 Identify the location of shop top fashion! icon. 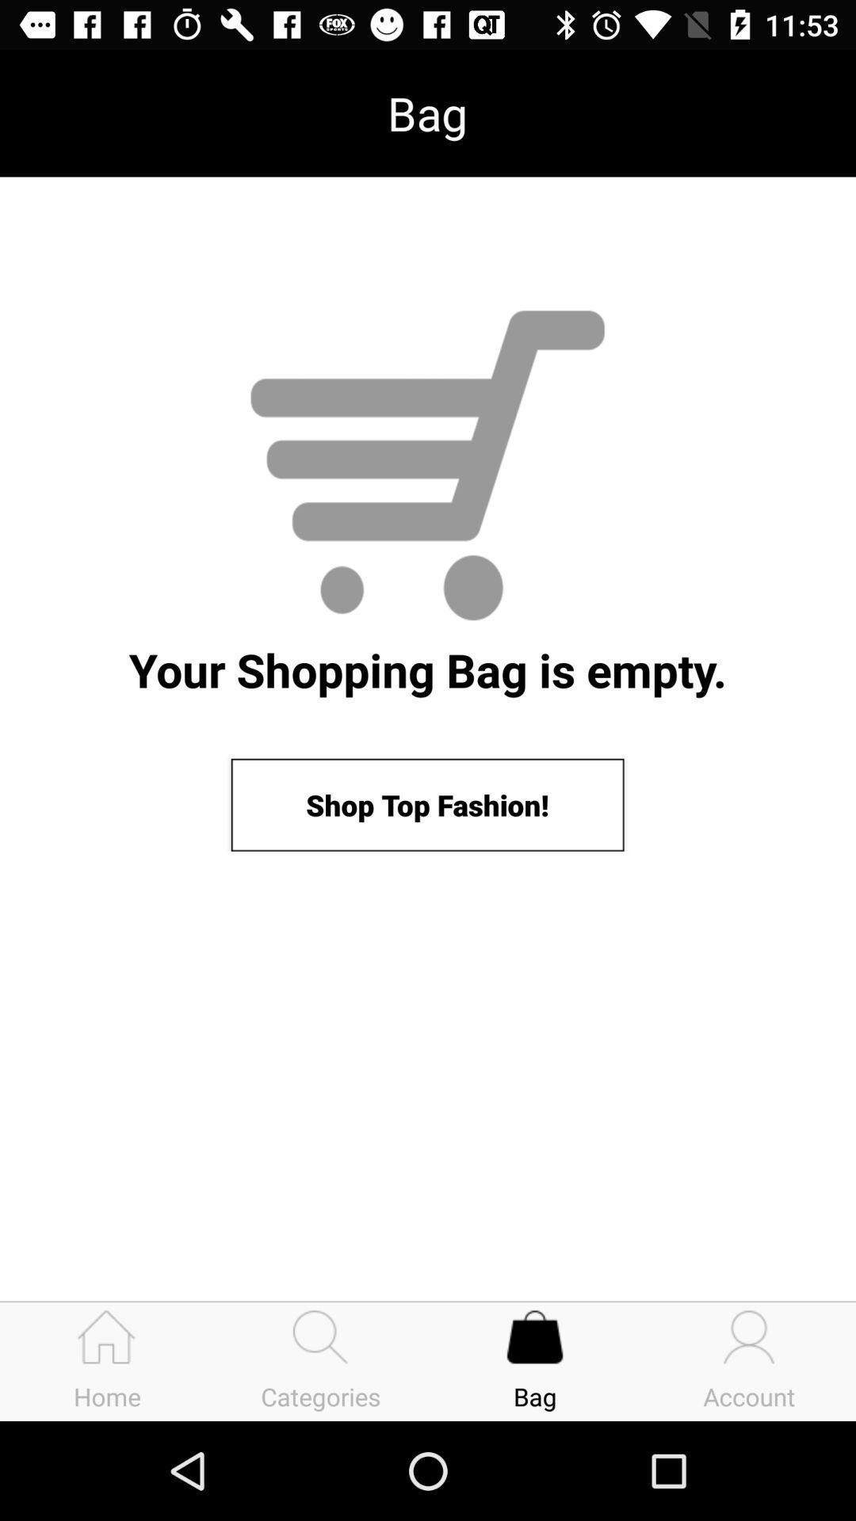
(426, 805).